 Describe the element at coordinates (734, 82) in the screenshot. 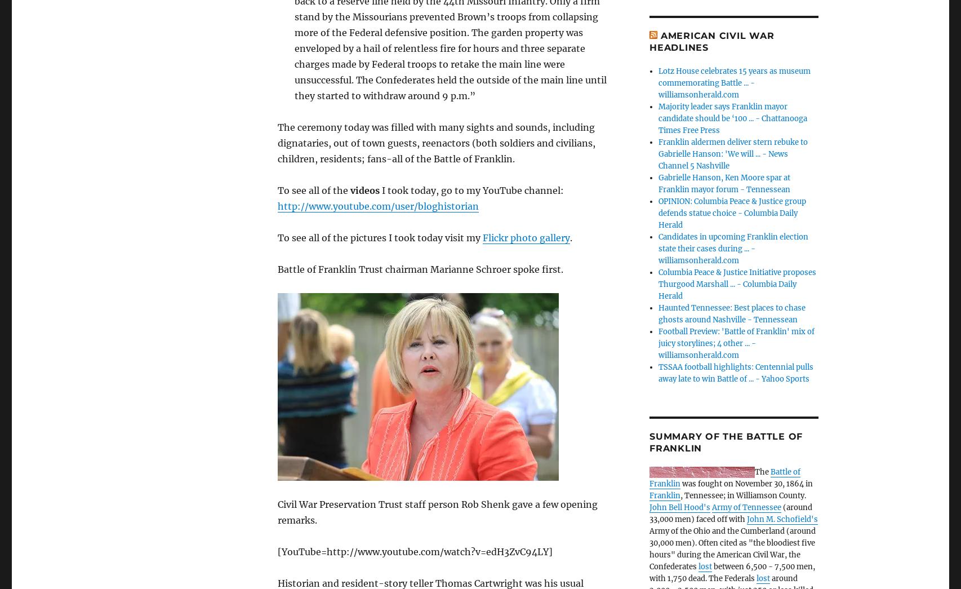

I see `'Lotz House celebrates 15 years as museum commemorating Battle ... - williamsonherald.com'` at that location.